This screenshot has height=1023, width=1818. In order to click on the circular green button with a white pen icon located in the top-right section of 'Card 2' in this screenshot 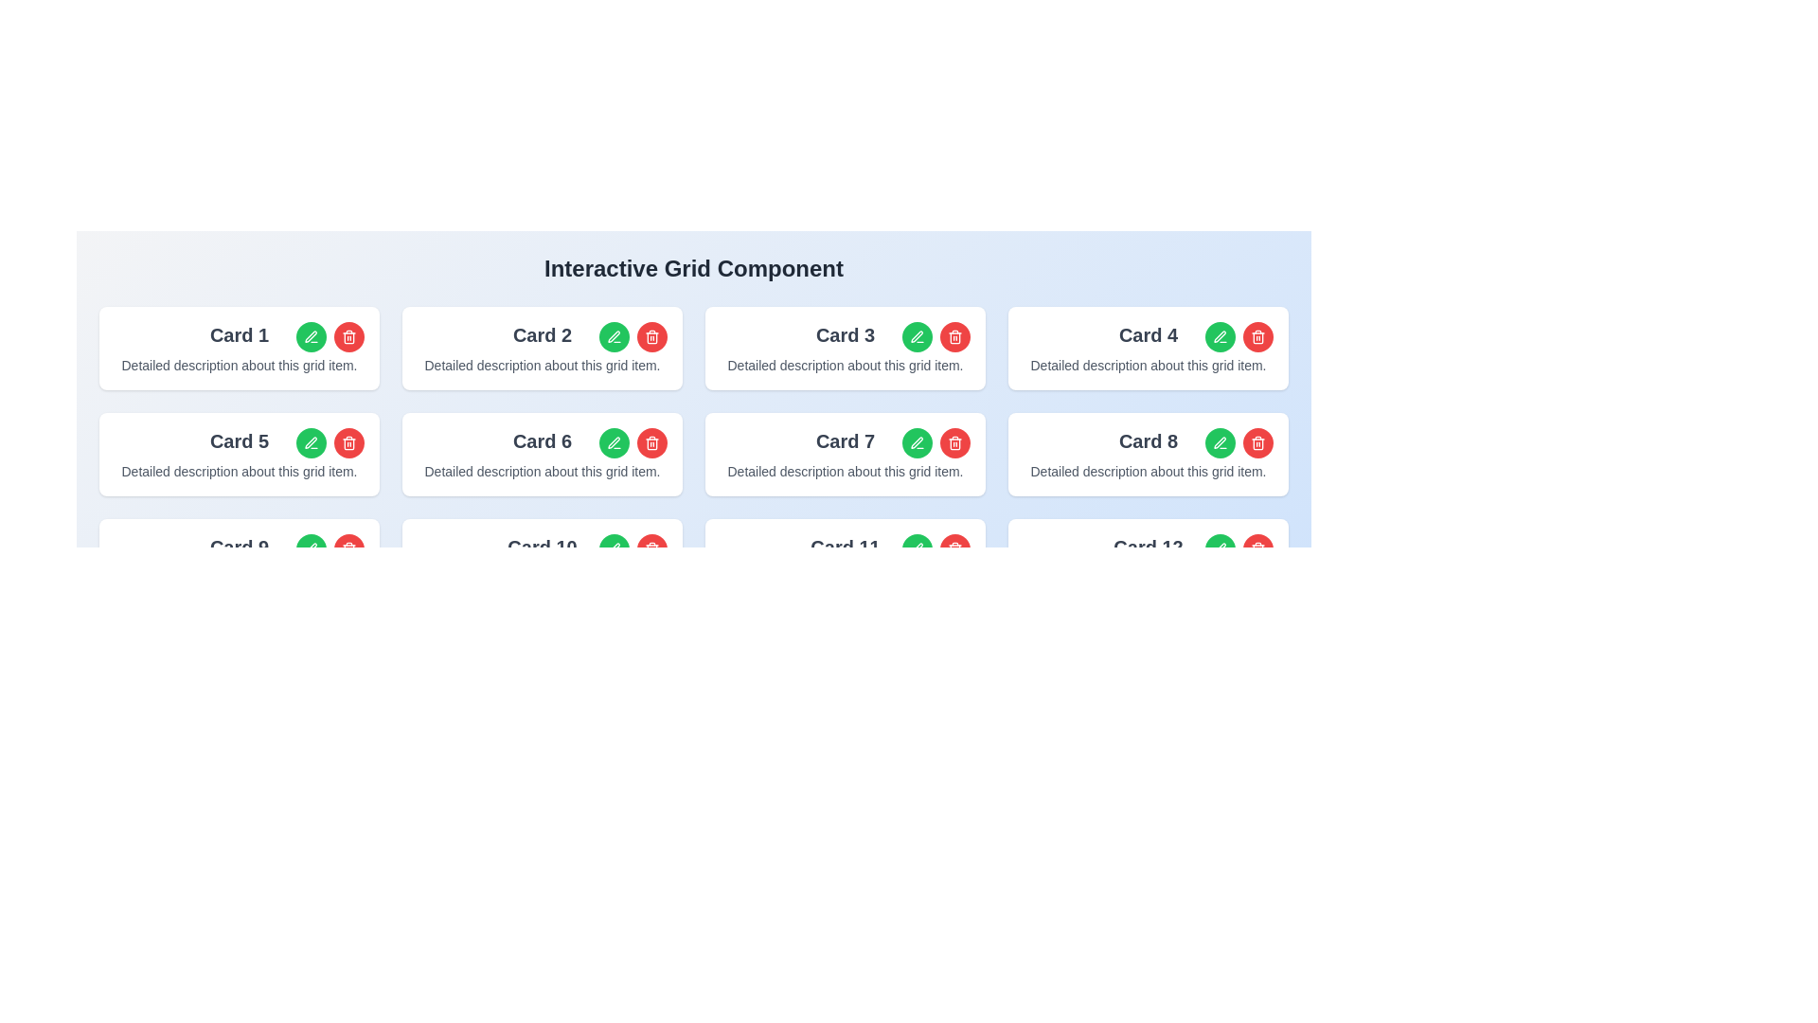, I will do `click(614, 335)`.